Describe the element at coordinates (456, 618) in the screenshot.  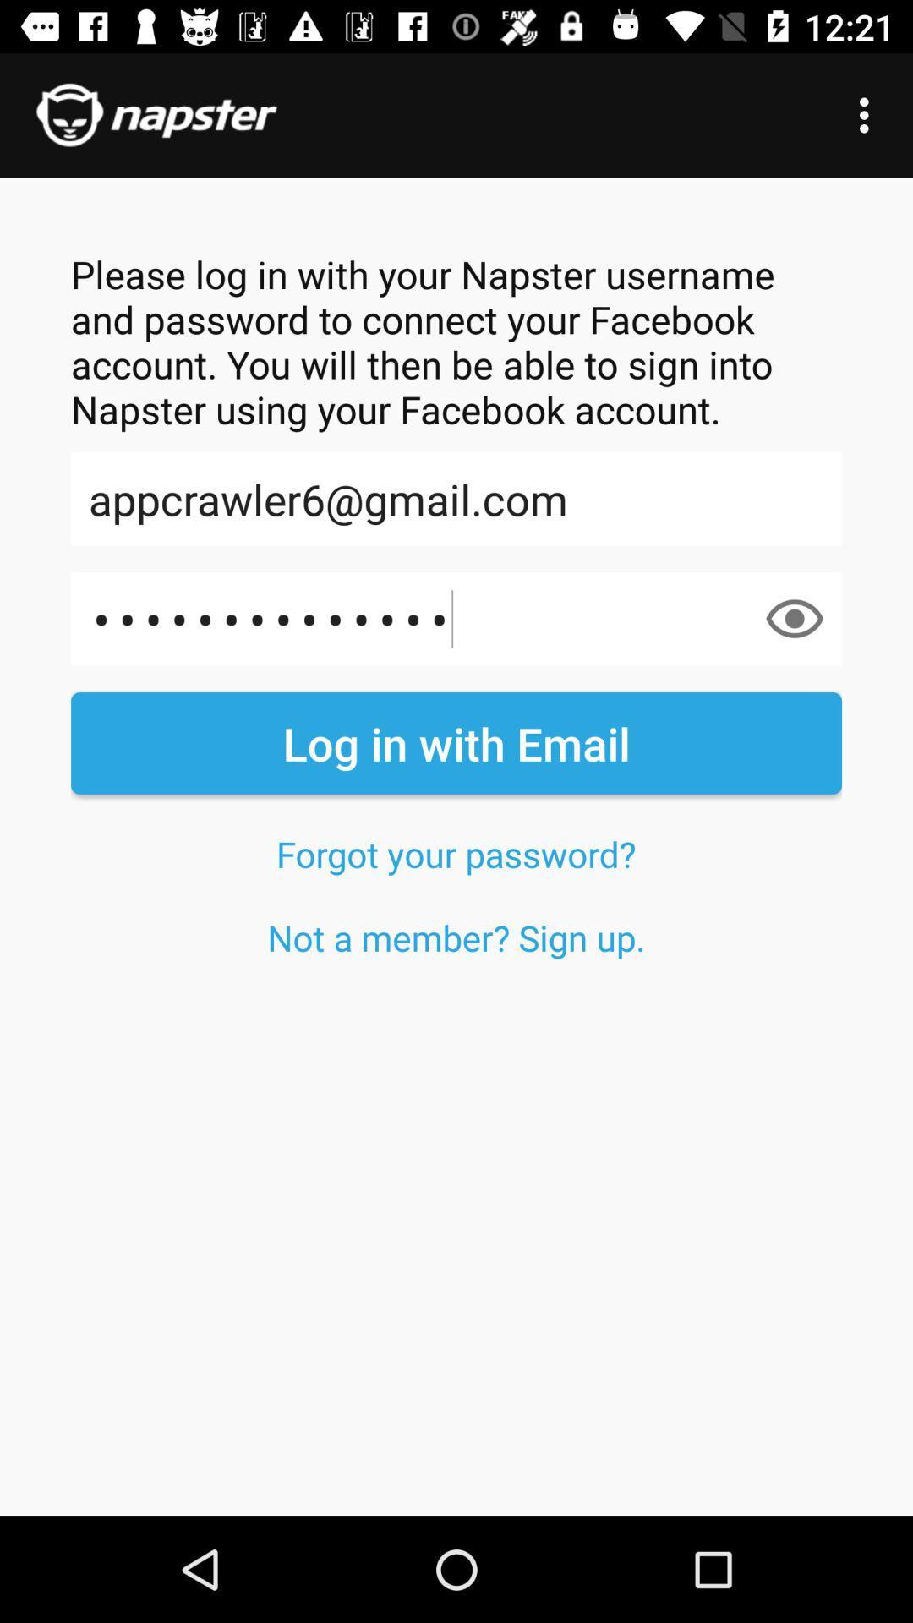
I see `icon below appcrawler6@gmail.com` at that location.